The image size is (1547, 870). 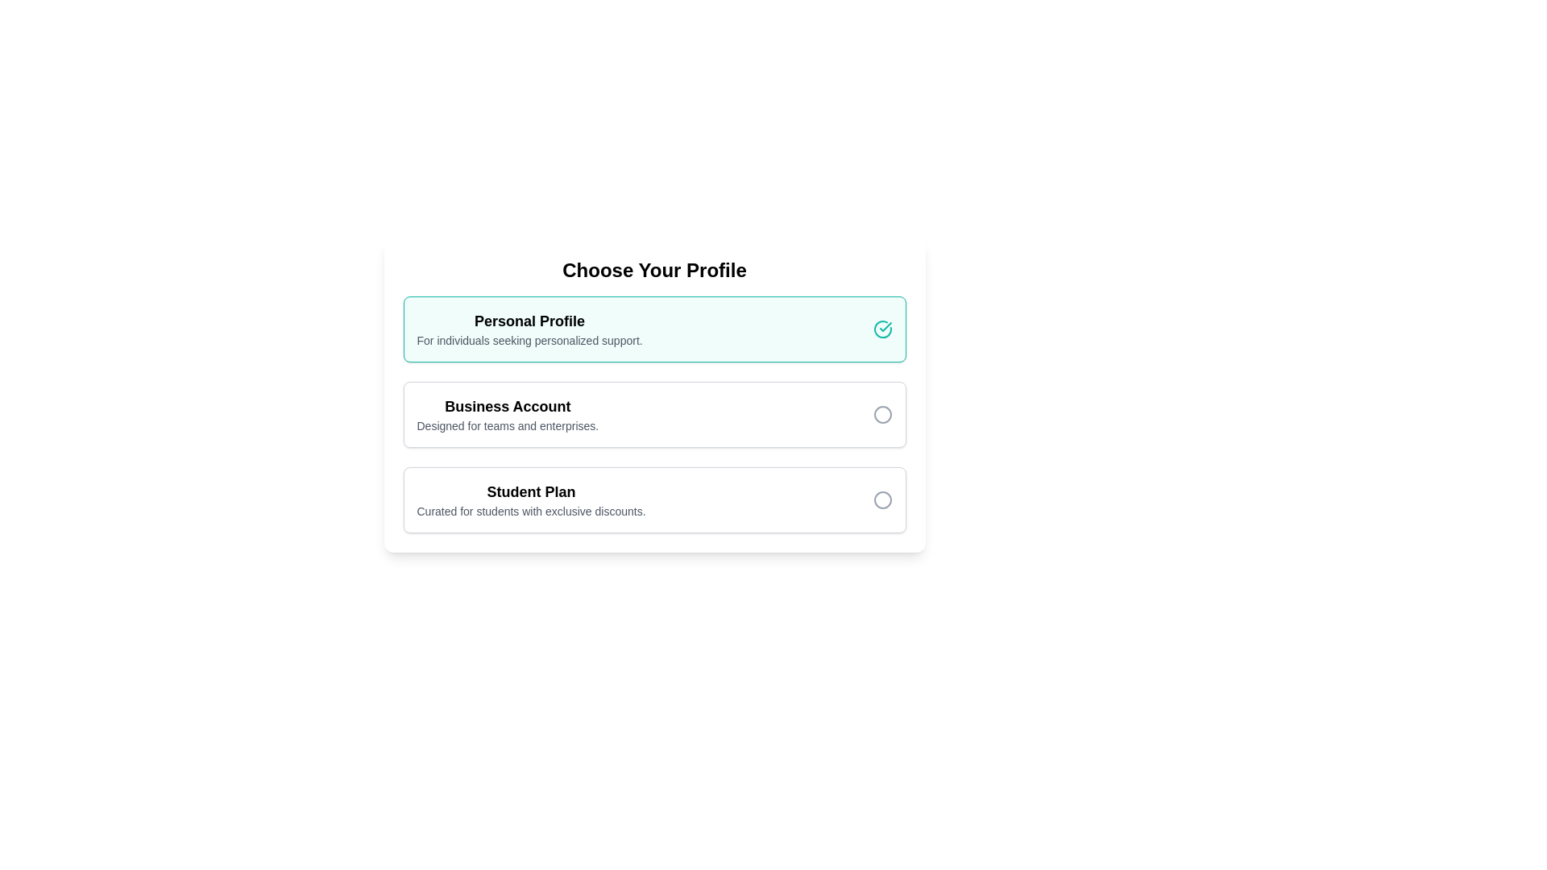 What do you see at coordinates (531, 512) in the screenshot?
I see `descriptive text located beneath the 'Student Plan' heading in the profile selection UI to understand its content` at bounding box center [531, 512].